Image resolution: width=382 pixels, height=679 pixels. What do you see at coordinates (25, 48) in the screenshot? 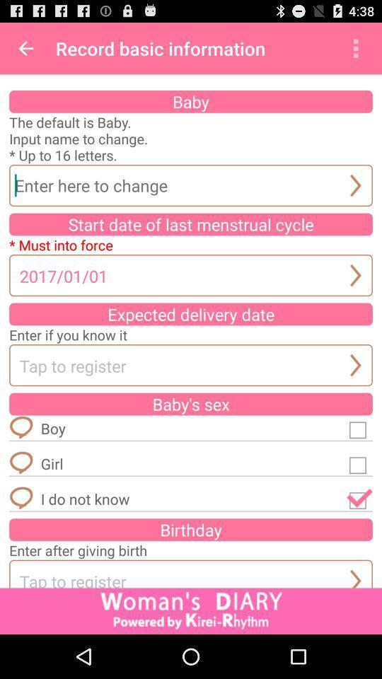
I see `icon next to record basic information item` at bounding box center [25, 48].